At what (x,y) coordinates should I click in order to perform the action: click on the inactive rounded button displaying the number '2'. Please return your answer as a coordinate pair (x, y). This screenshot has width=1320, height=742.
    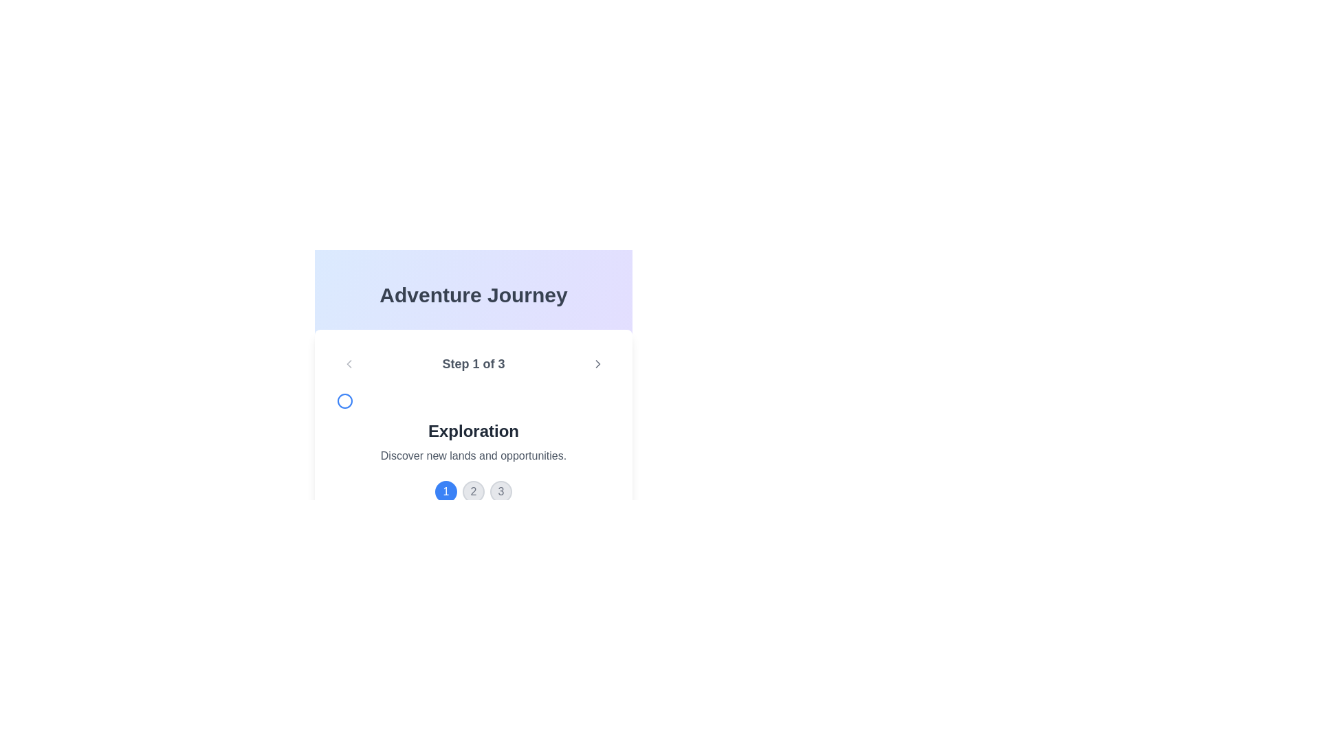
    Looking at the image, I should click on (474, 491).